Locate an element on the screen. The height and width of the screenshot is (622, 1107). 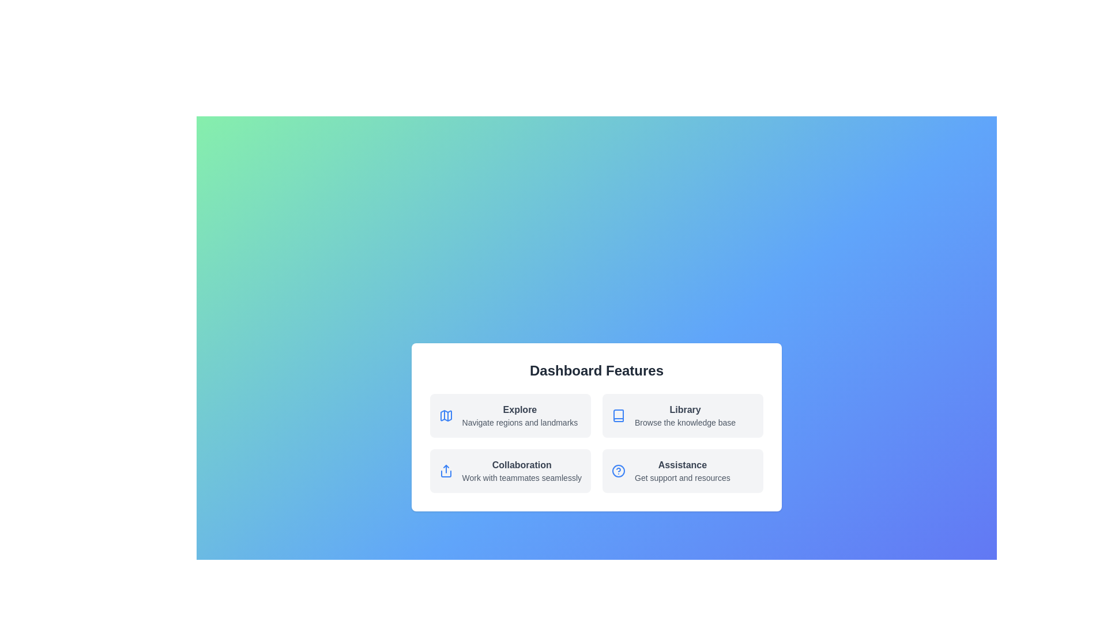
the icon for the Assistance feature is located at coordinates (618, 471).